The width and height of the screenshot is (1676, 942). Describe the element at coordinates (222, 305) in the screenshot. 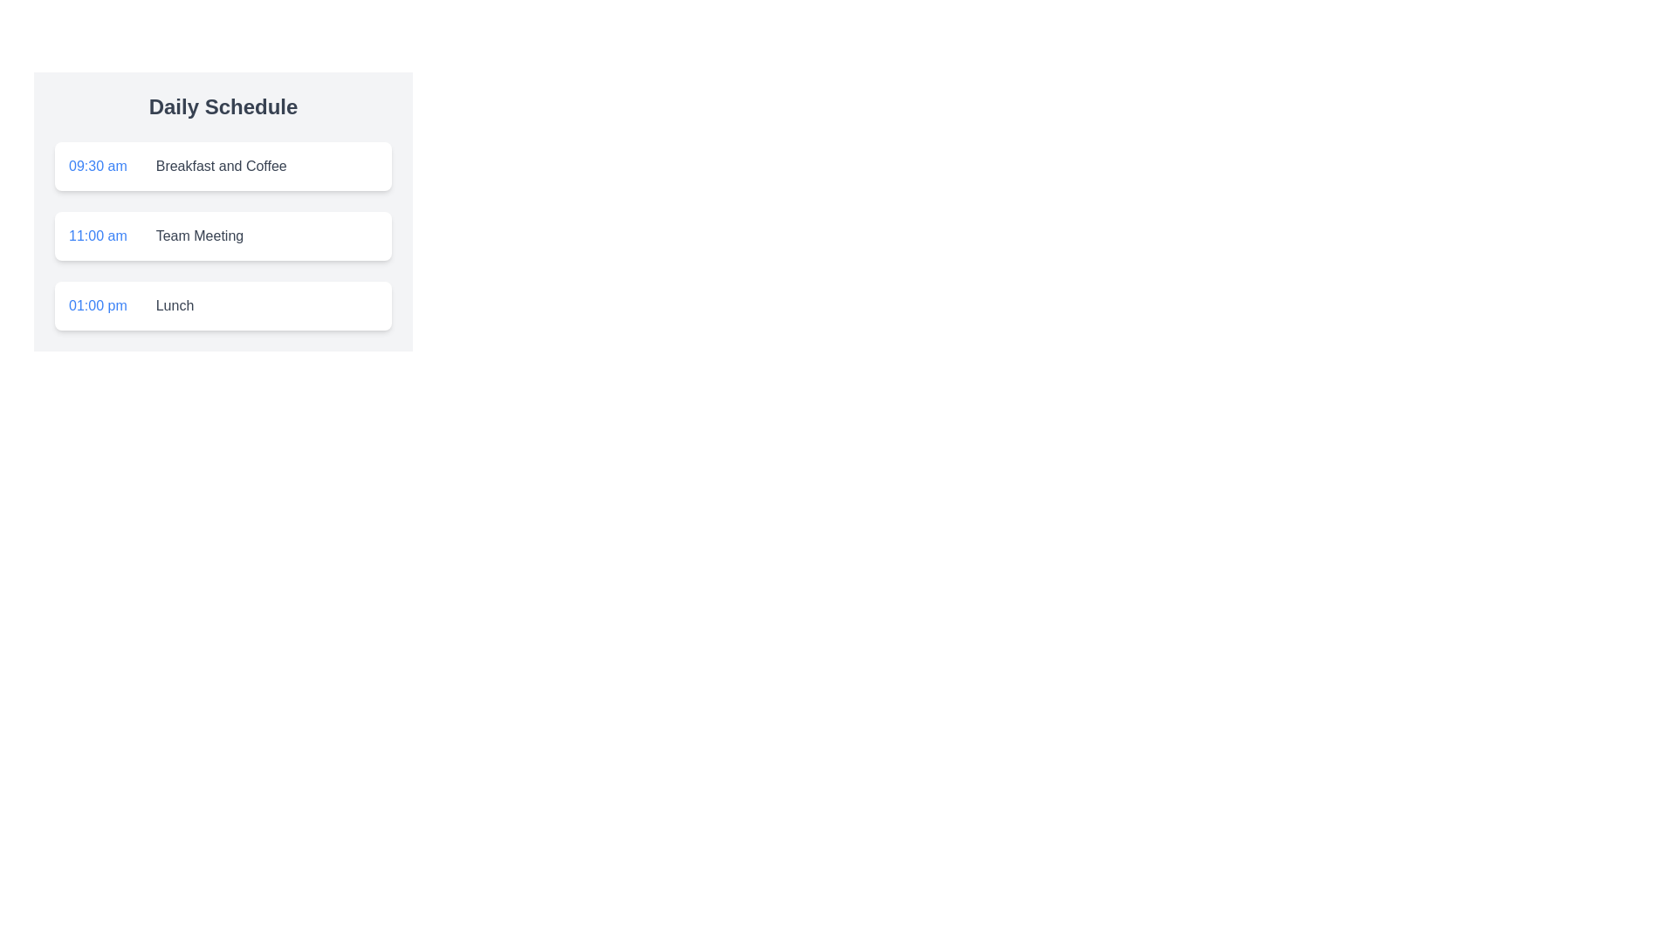

I see `the third list item in the Daily Schedule, which displays the time '01:00 pm' in blue and the description 'Lunch' in gray` at that location.